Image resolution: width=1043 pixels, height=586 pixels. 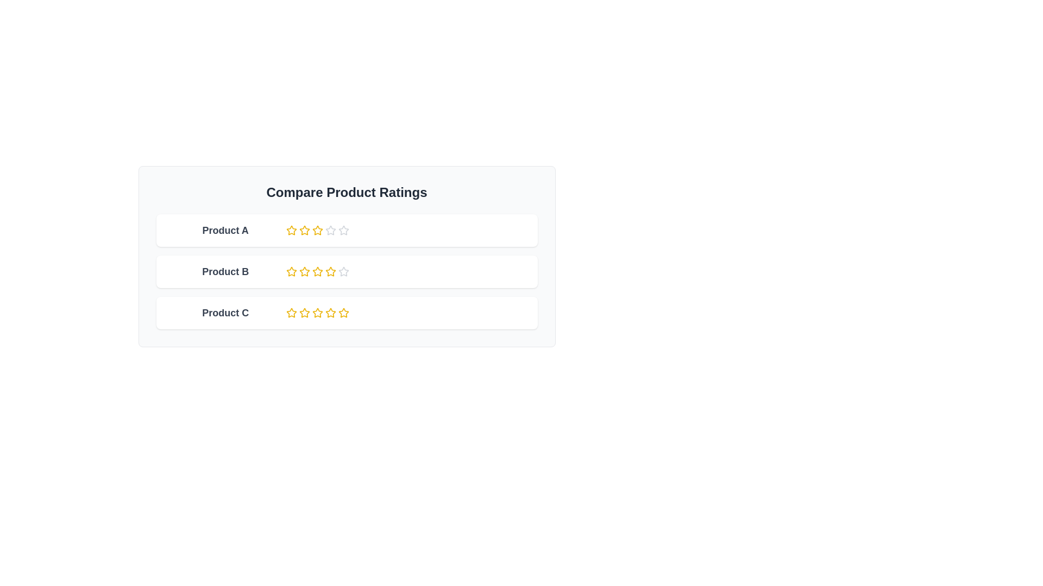 I want to click on the second star icon in the rating row for 'Product A' to rate it, so click(x=304, y=230).